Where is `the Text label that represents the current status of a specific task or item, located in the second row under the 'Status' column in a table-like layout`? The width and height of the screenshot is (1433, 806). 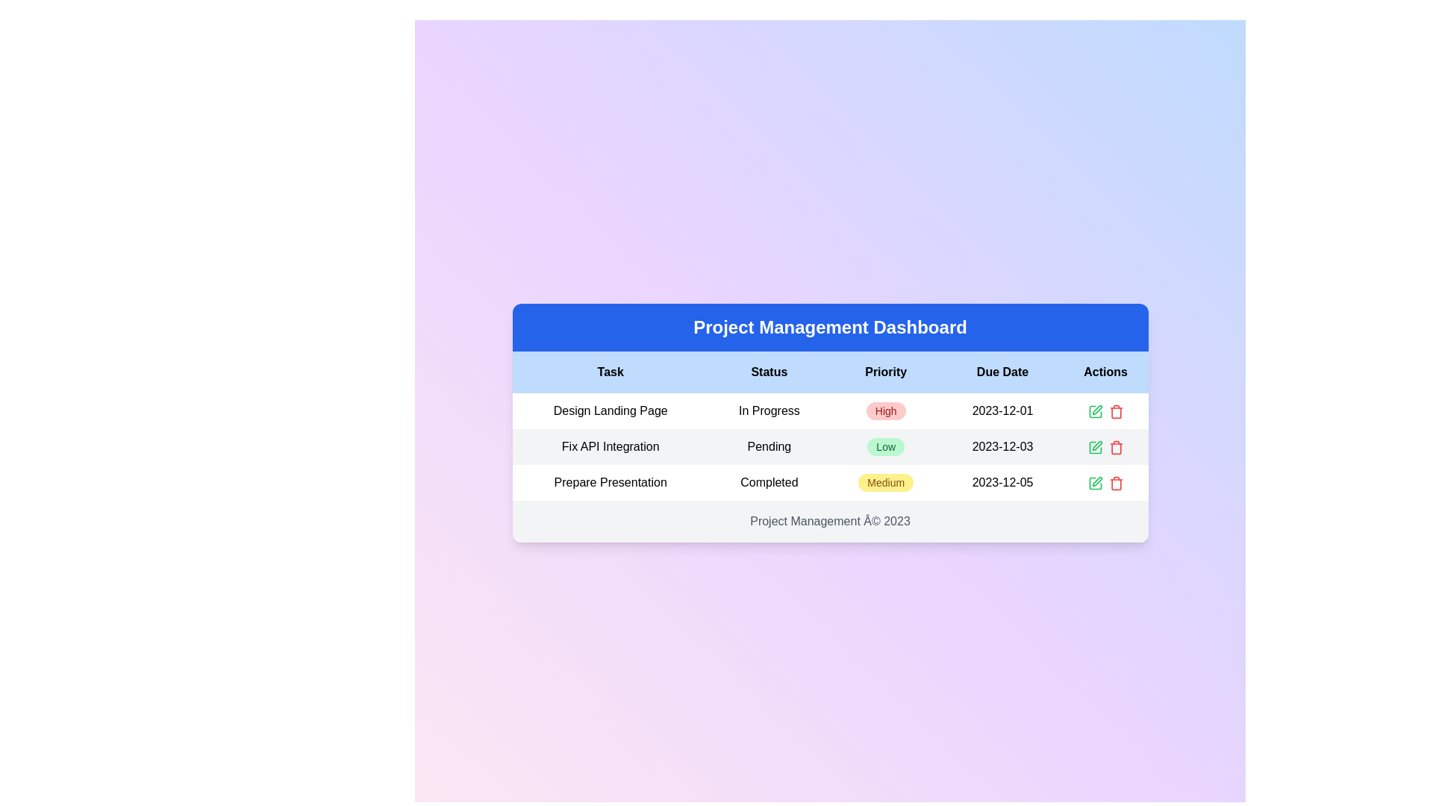
the Text label that represents the current status of a specific task or item, located in the second row under the 'Status' column in a table-like layout is located at coordinates (769, 446).